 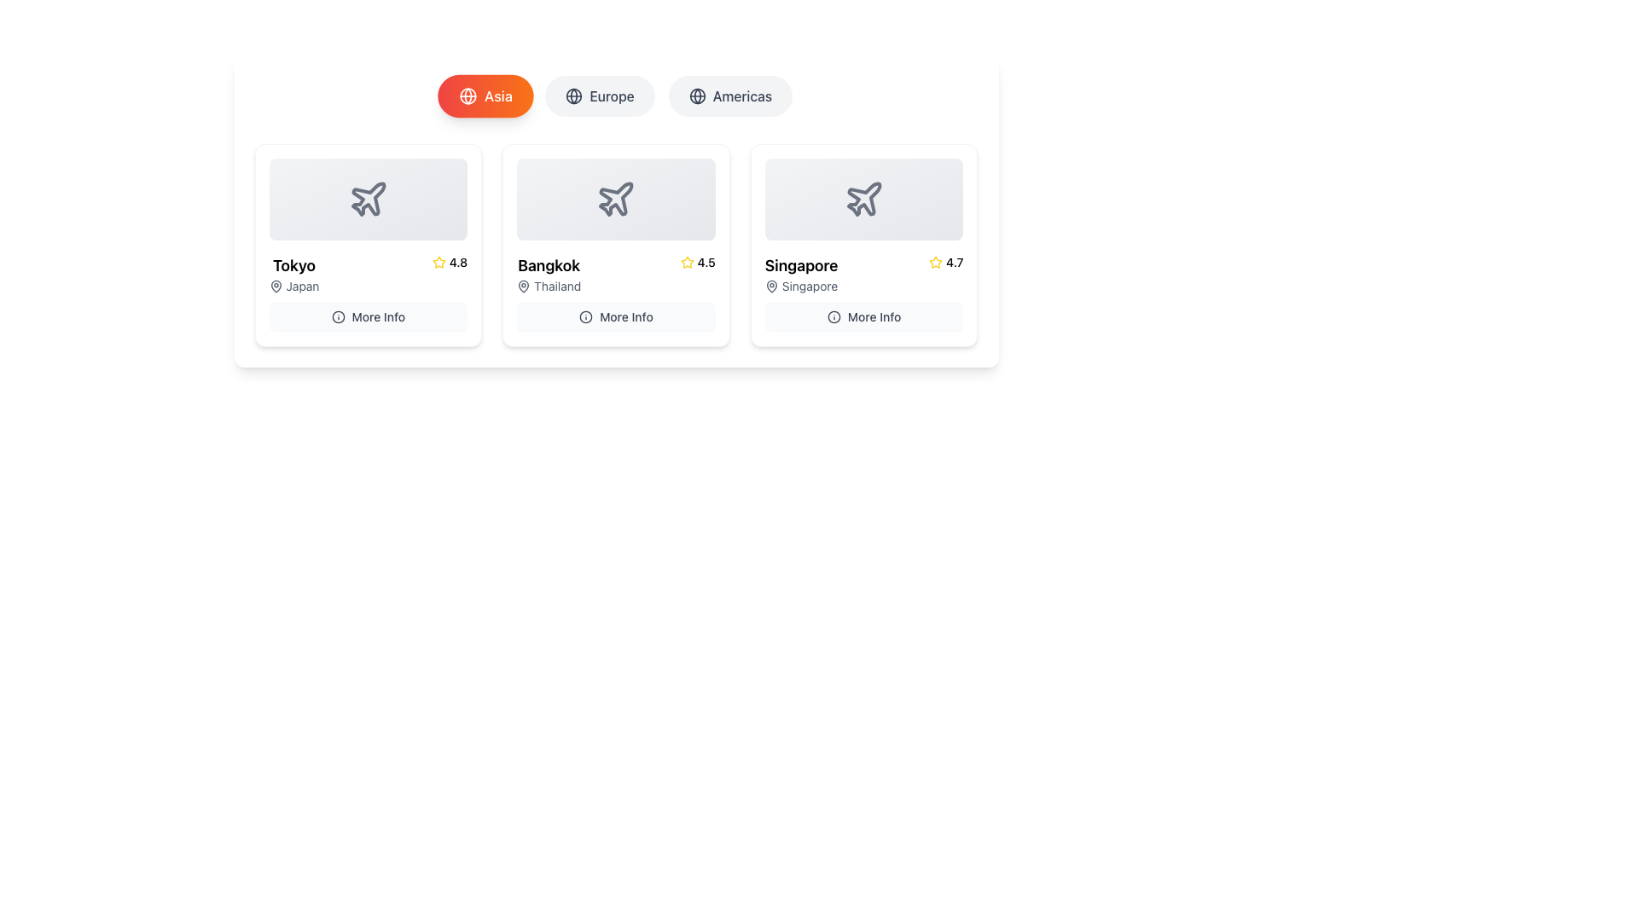 I want to click on the Label with icon that provides contextual information about Tokyo, located directly below the main title 'Tokyo' and to the right of the map pin icon, so click(x=294, y=285).